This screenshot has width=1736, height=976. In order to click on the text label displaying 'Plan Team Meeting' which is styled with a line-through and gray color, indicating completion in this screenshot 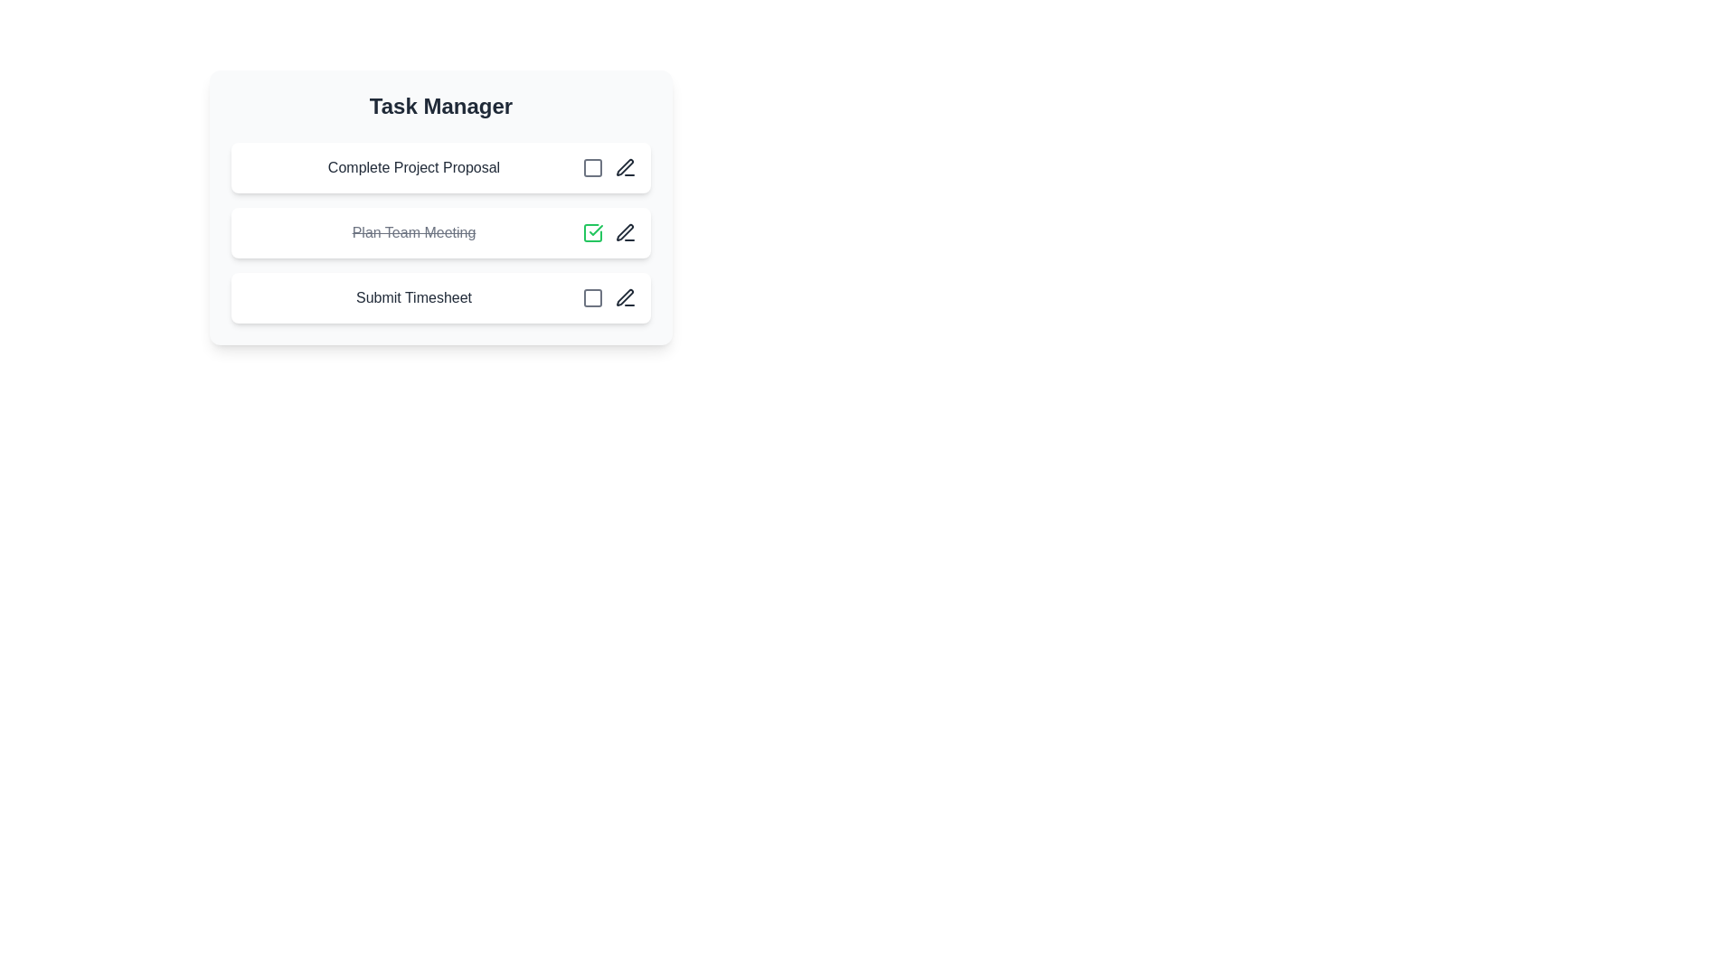, I will do `click(412, 232)`.